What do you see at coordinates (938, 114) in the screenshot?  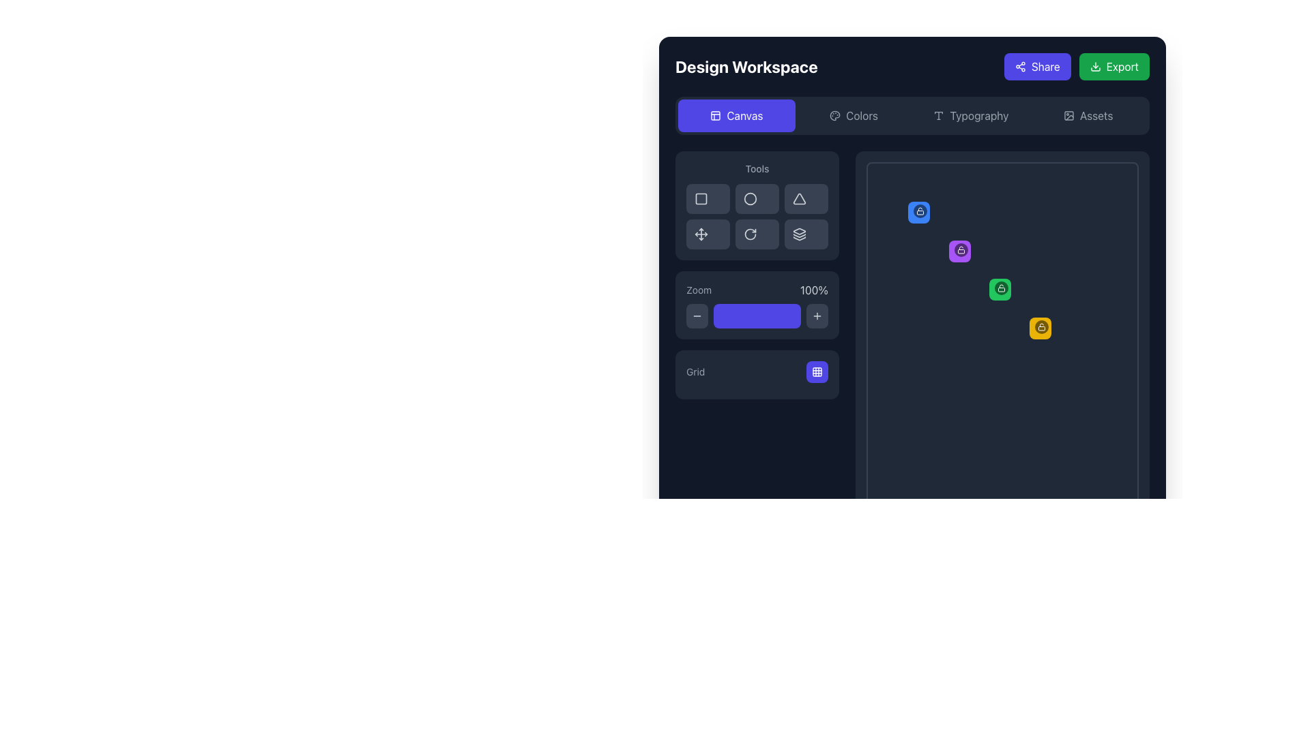 I see `the 'T' typography icon in the top navigation bar` at bounding box center [938, 114].